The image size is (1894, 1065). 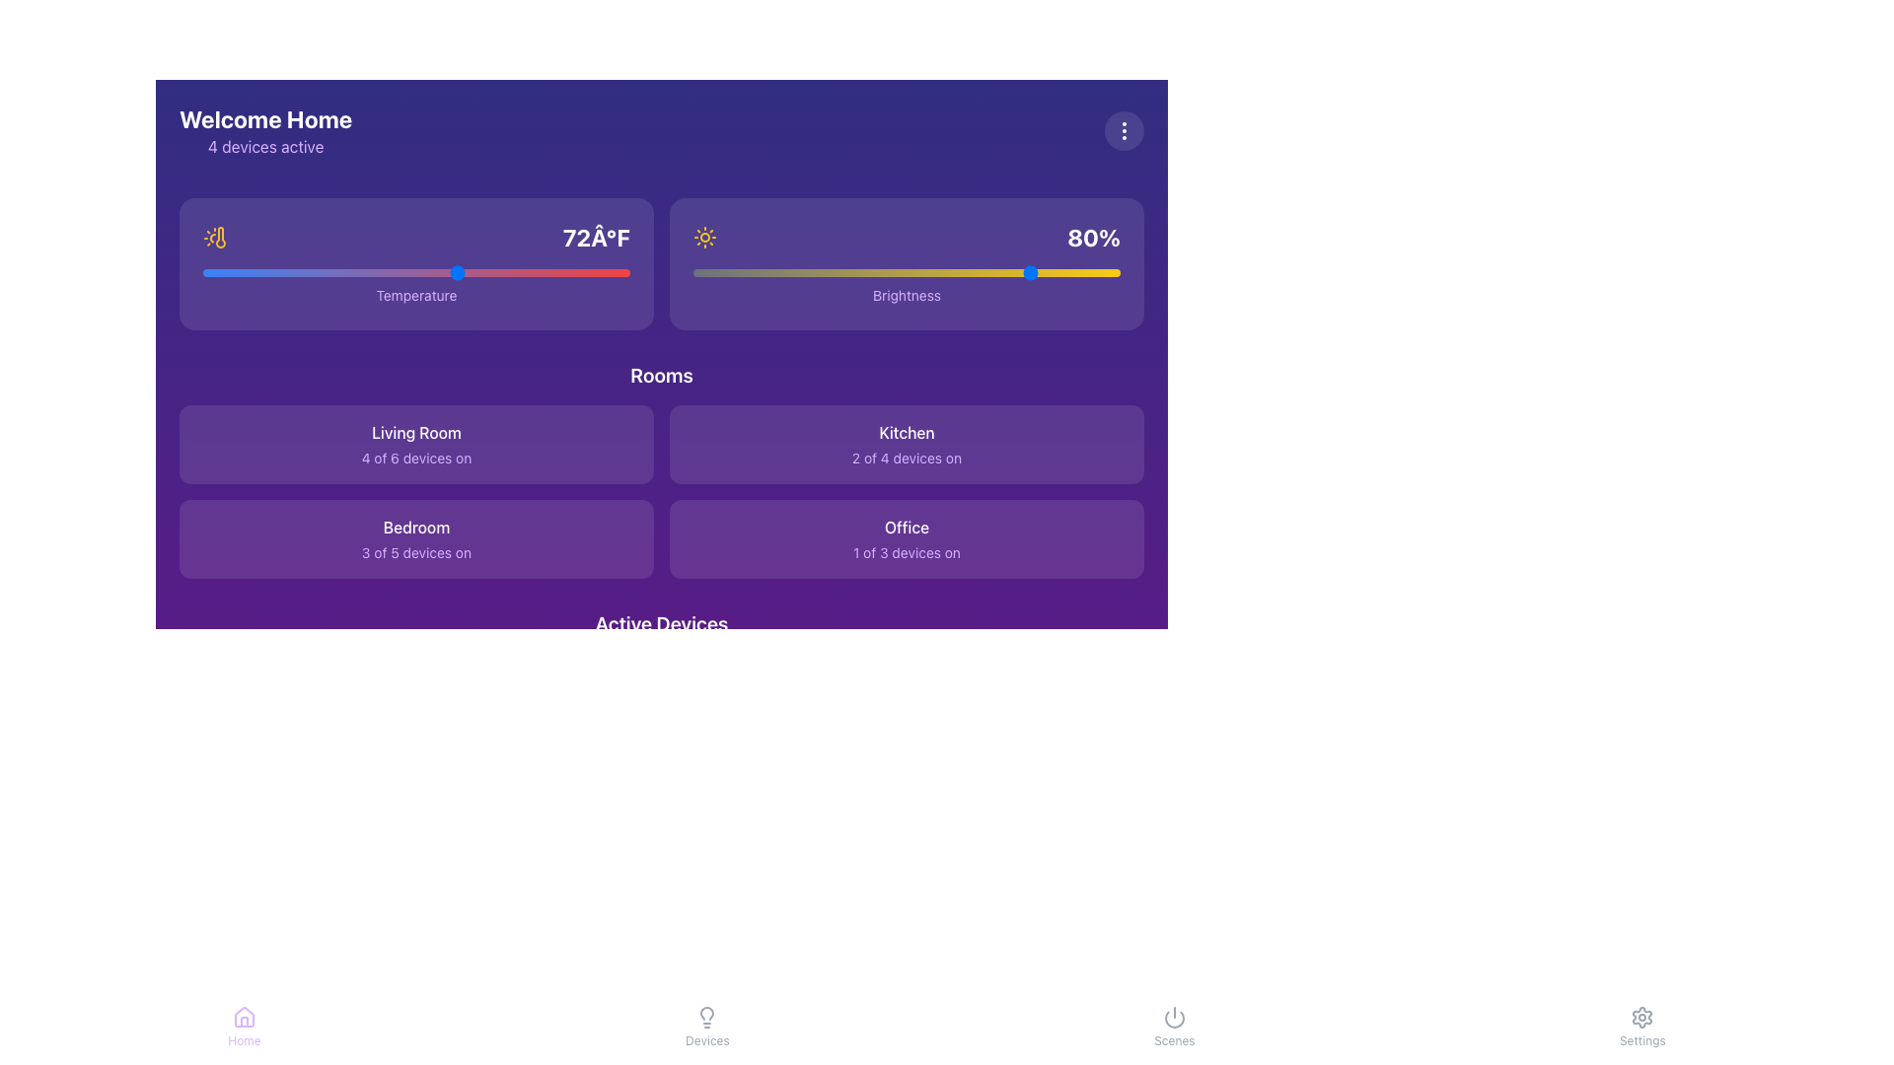 I want to click on the temperature, so click(x=502, y=273).